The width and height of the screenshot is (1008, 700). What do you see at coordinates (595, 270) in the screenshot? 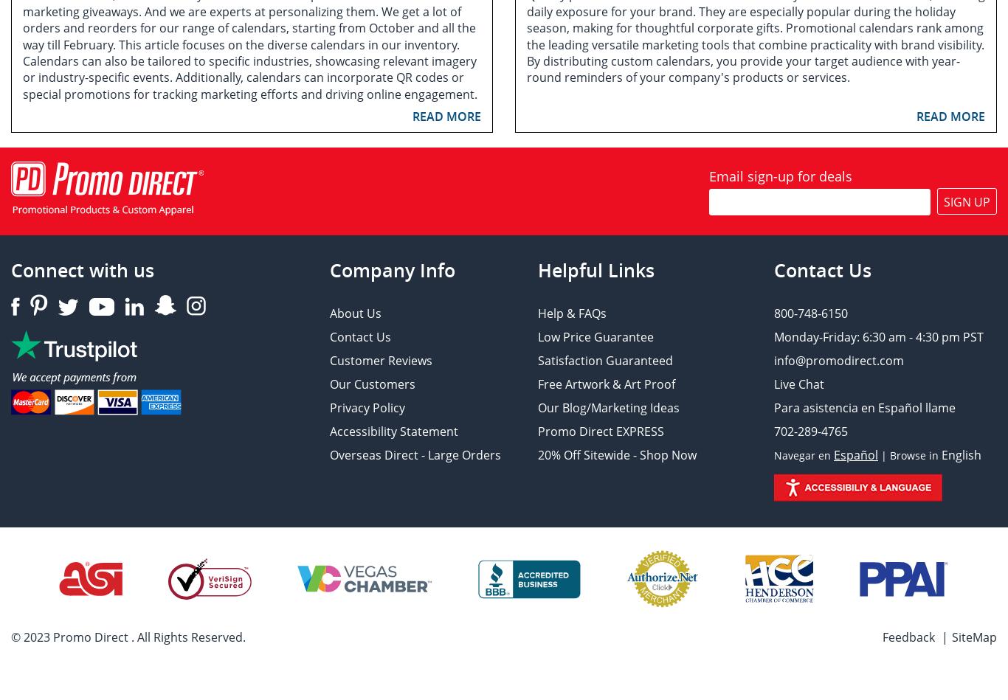
I see `'Helpful Links'` at bounding box center [595, 270].